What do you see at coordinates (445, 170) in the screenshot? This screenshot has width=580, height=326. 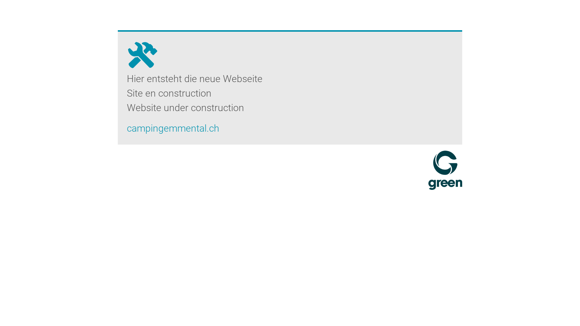 I see `'powered by green.ch'` at bounding box center [445, 170].